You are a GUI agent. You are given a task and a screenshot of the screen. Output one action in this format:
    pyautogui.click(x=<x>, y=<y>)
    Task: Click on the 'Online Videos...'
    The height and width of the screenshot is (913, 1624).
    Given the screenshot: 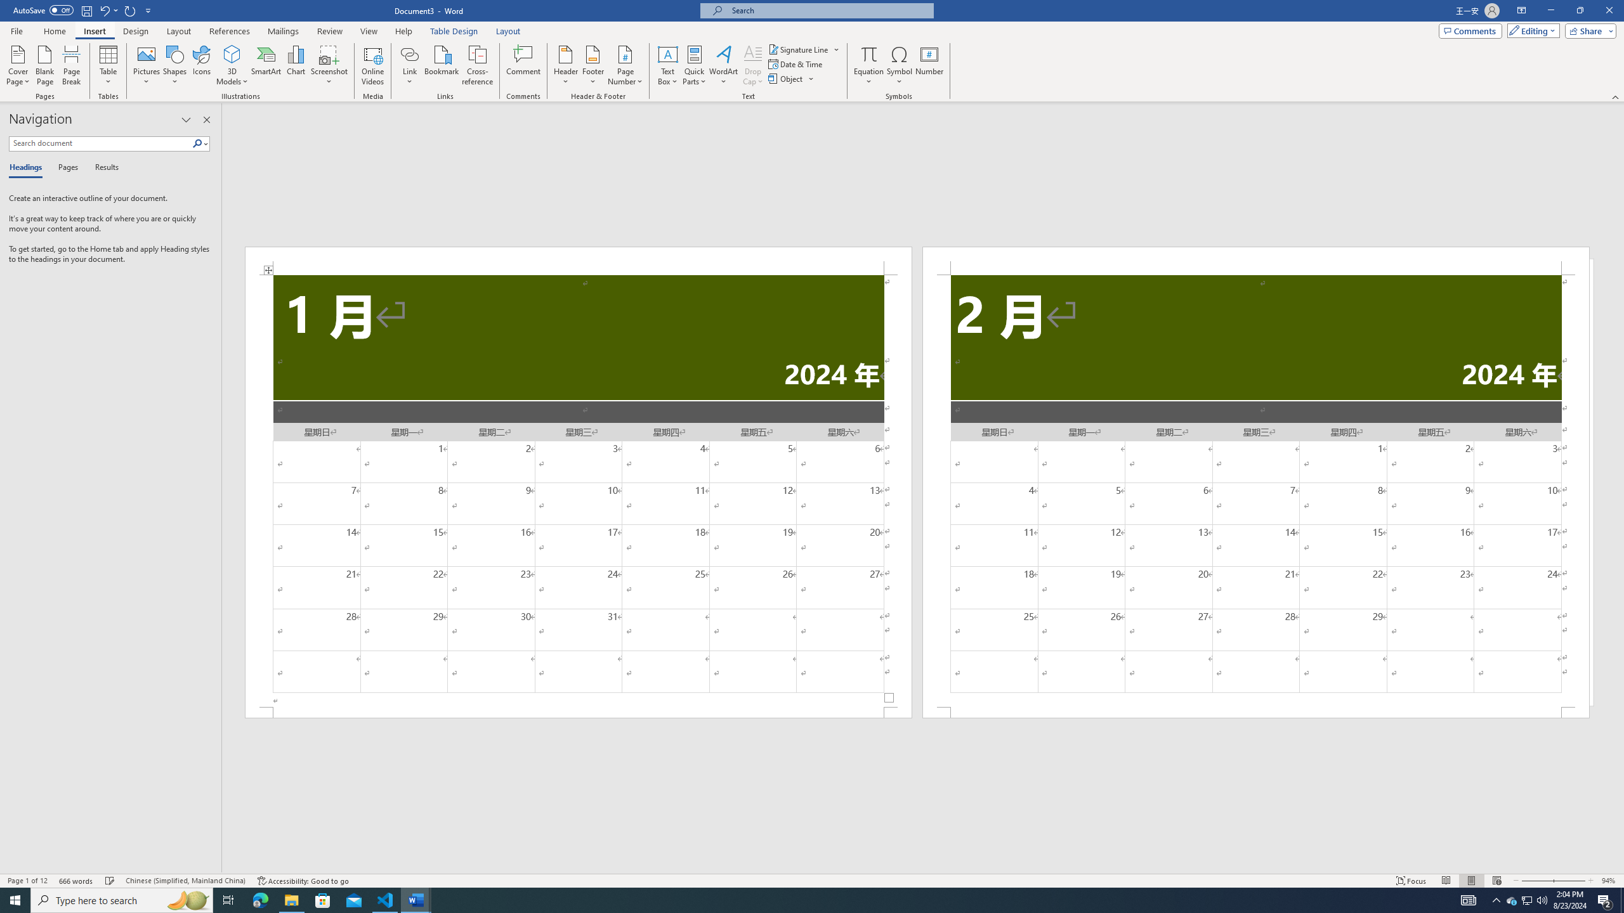 What is the action you would take?
    pyautogui.click(x=372, y=65)
    